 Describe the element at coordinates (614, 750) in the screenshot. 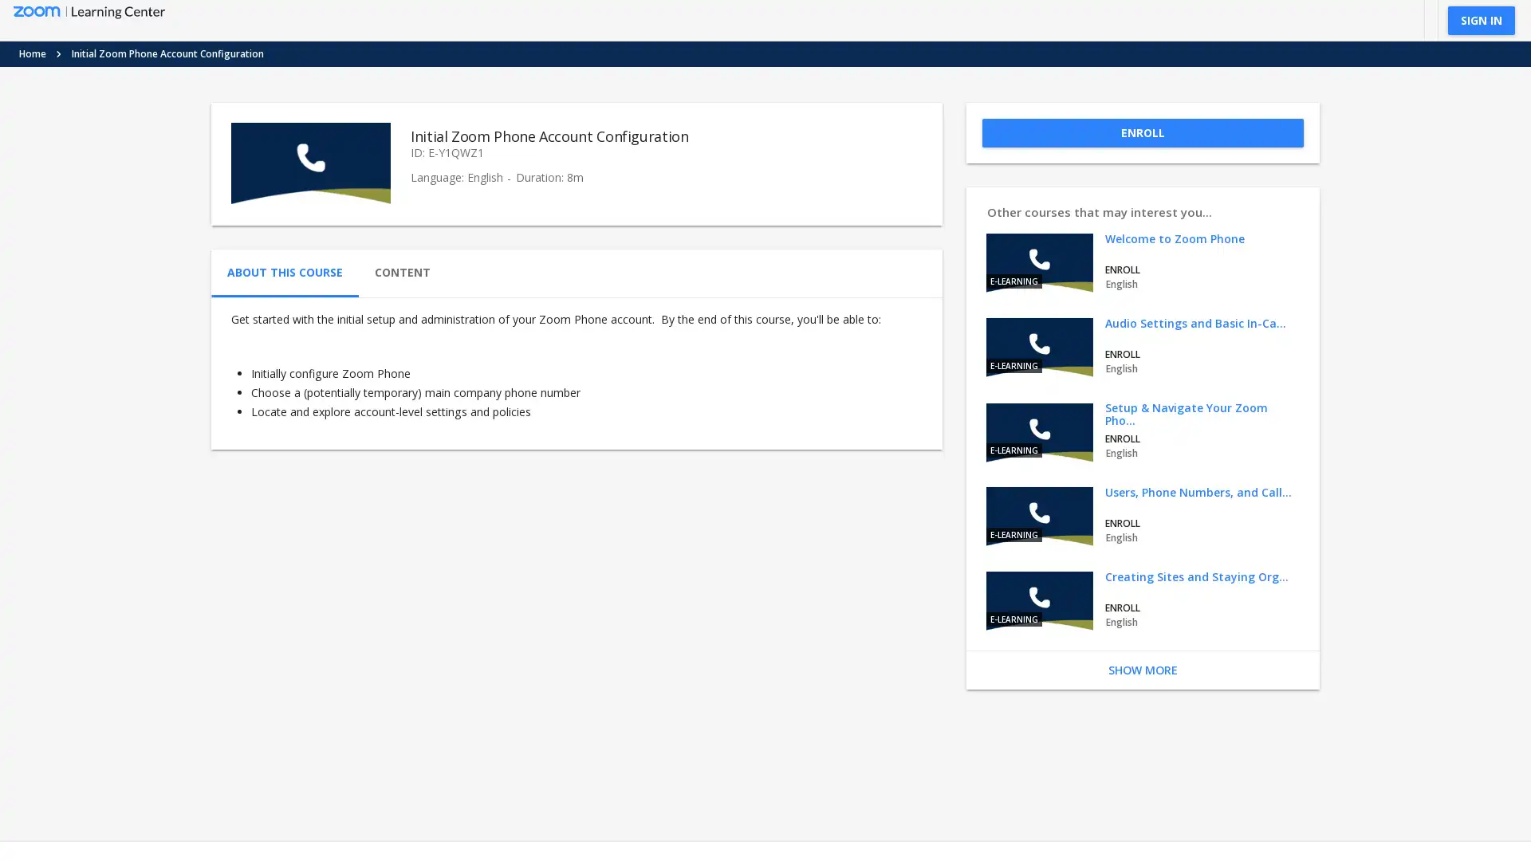

I see `Close` at that location.